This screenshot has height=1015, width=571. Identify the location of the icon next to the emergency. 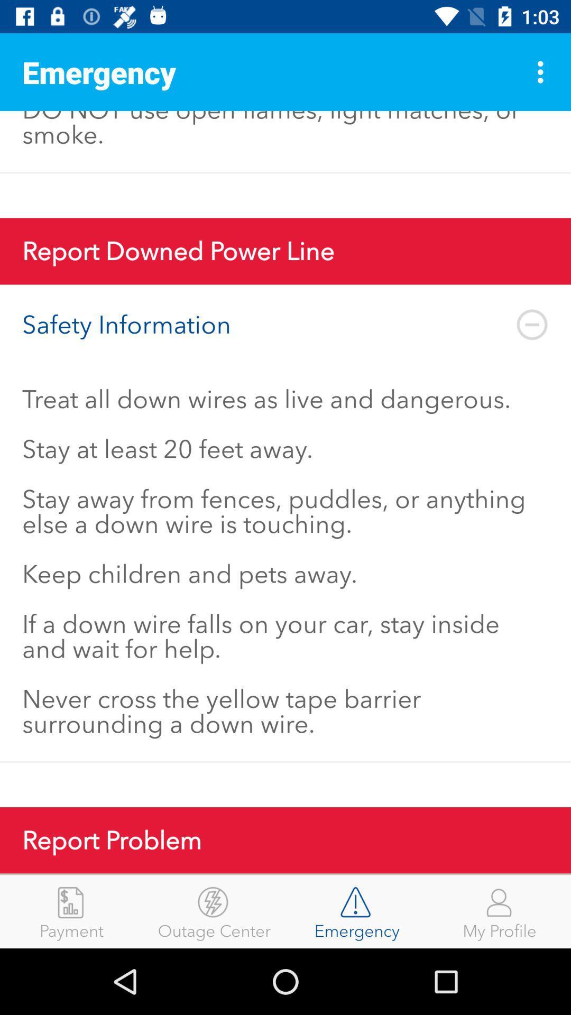
(543, 71).